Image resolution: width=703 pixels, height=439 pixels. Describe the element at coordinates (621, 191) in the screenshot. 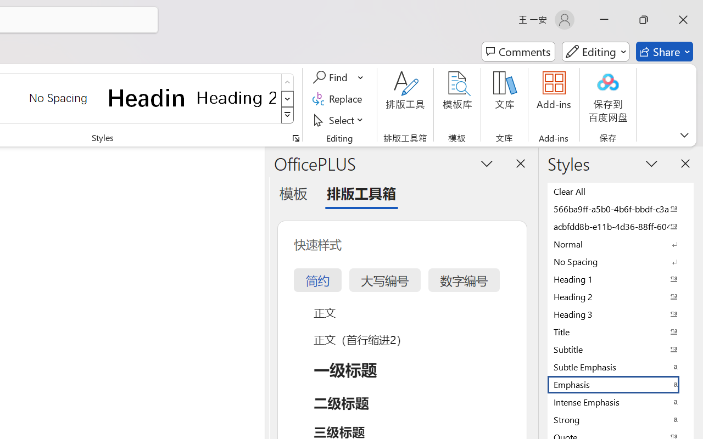

I see `'Clear All'` at that location.